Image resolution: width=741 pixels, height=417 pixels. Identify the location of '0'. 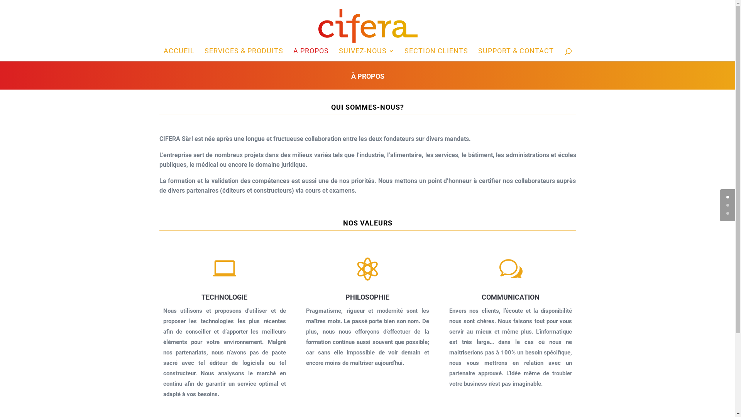
(727, 197).